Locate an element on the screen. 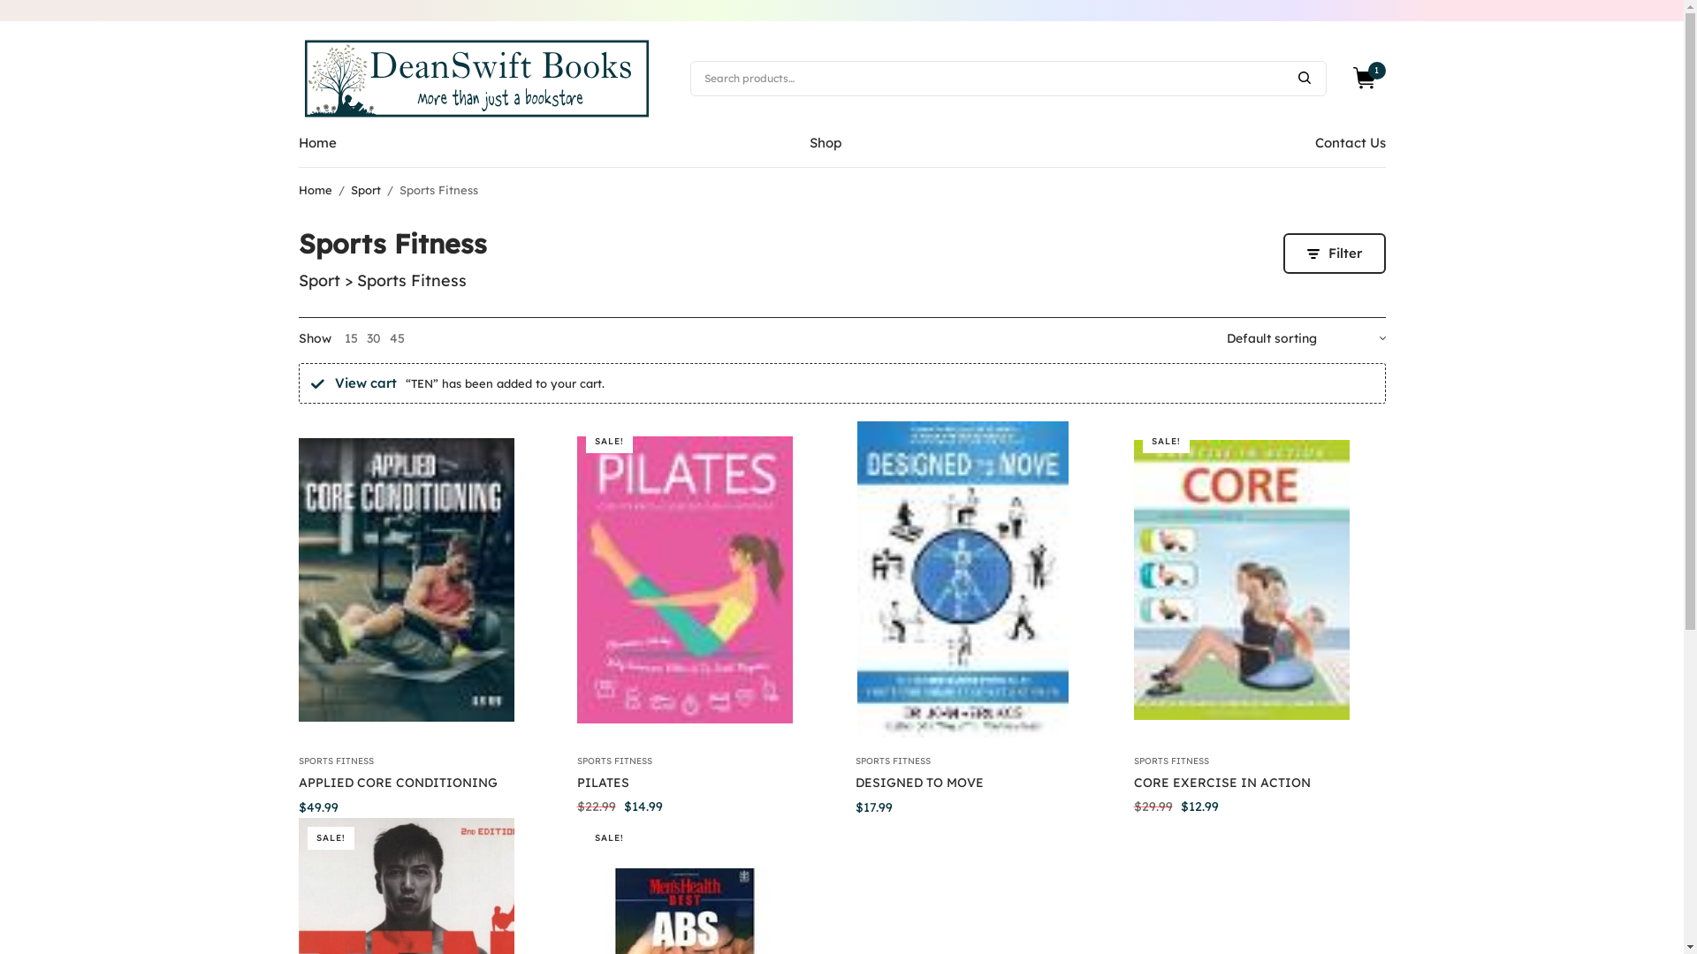 The width and height of the screenshot is (1697, 954). 'PILATES' is located at coordinates (576, 782).